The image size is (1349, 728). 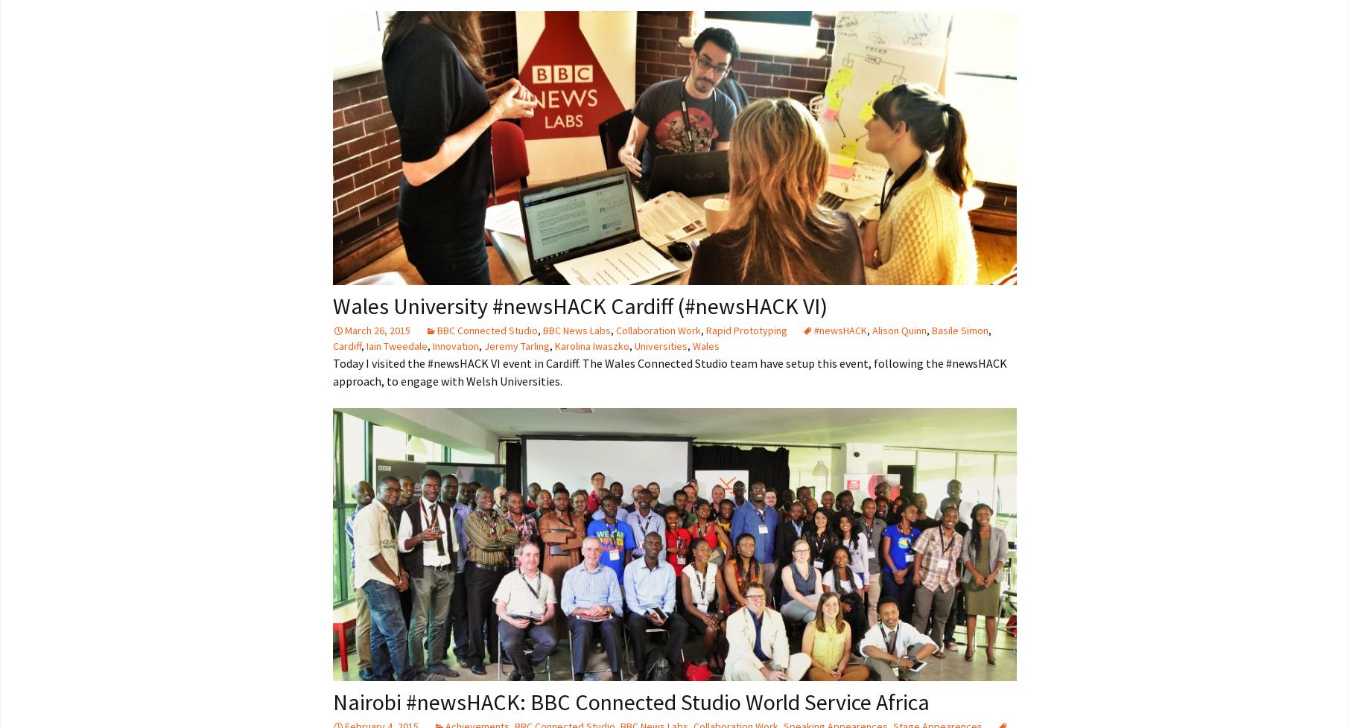 What do you see at coordinates (745, 329) in the screenshot?
I see `'Rapid Prototyping'` at bounding box center [745, 329].